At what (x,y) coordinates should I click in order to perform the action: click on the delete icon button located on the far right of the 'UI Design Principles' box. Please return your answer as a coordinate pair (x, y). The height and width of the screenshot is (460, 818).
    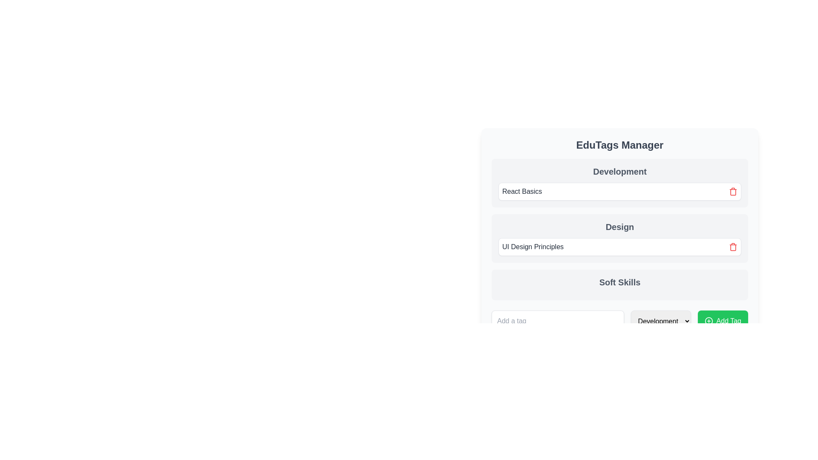
    Looking at the image, I should click on (733, 247).